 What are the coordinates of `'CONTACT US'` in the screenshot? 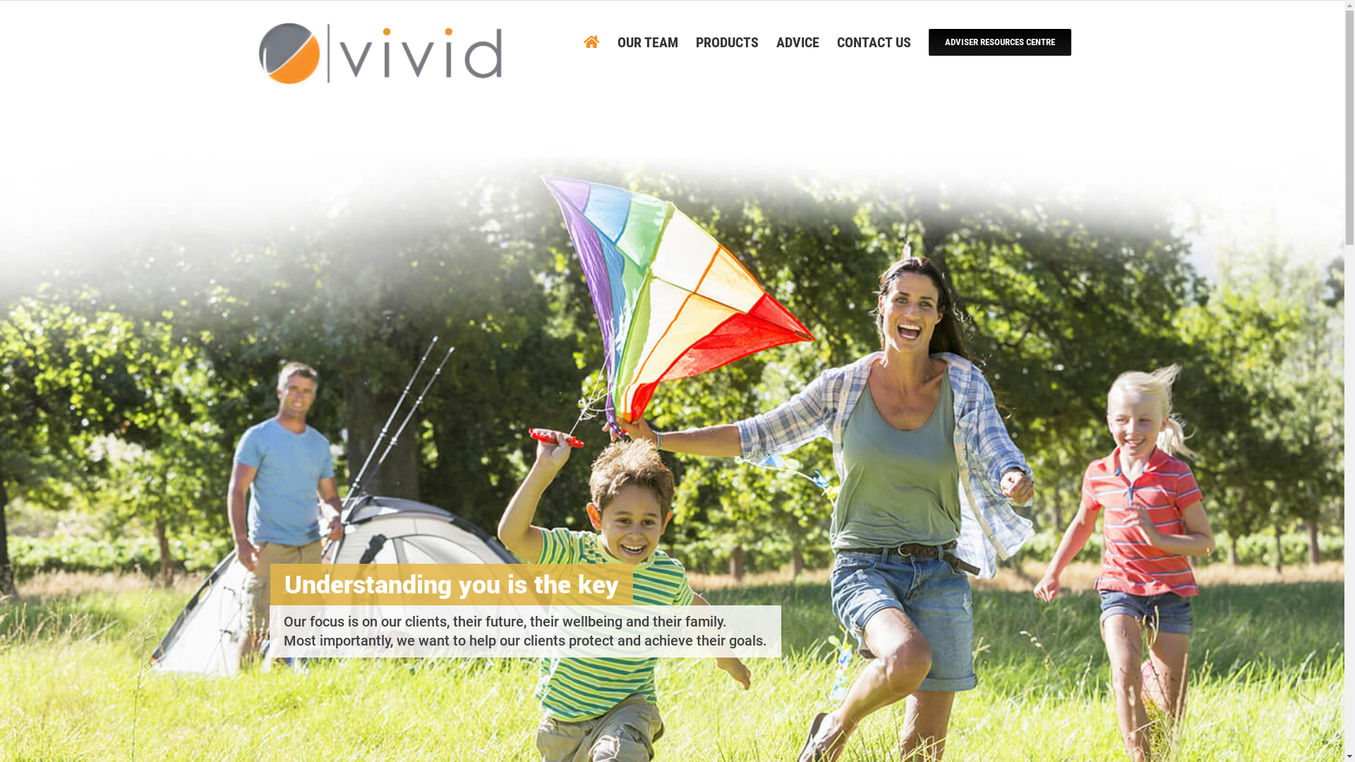 It's located at (873, 42).